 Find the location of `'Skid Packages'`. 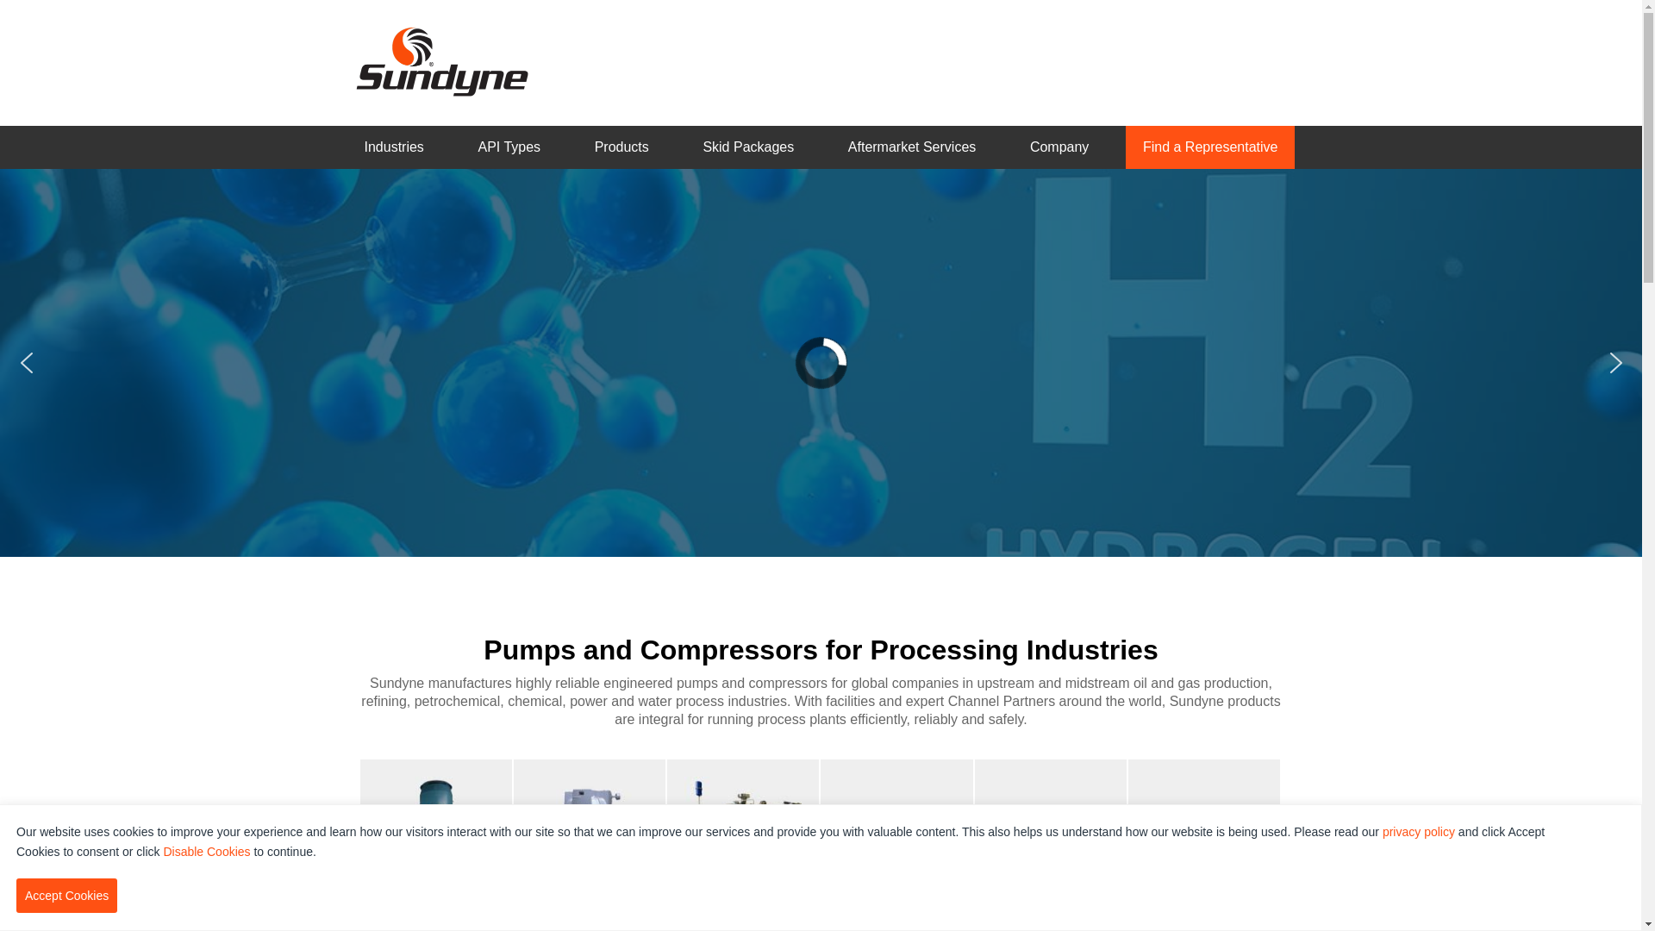

'Skid Packages' is located at coordinates (748, 147).